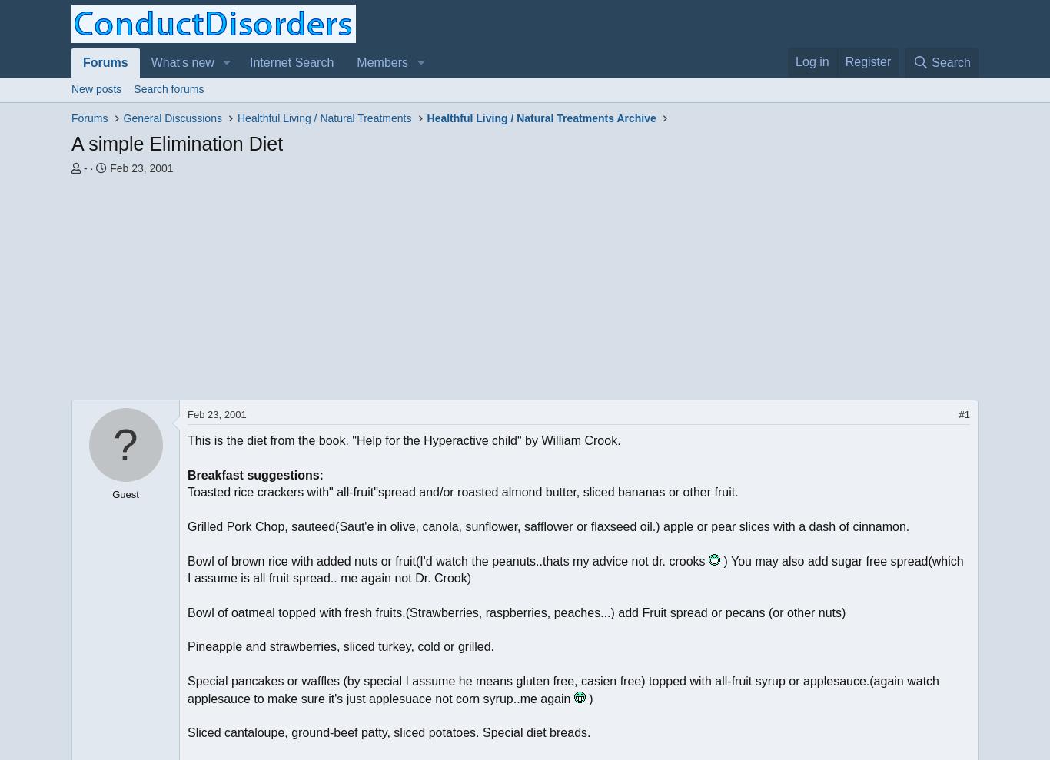 This screenshot has width=1050, height=760. What do you see at coordinates (461, 491) in the screenshot?
I see `'Toasted rice crackers with" all-fruit"spread and/or roasted almond butter, sliced bananas or other fruit.'` at bounding box center [461, 491].